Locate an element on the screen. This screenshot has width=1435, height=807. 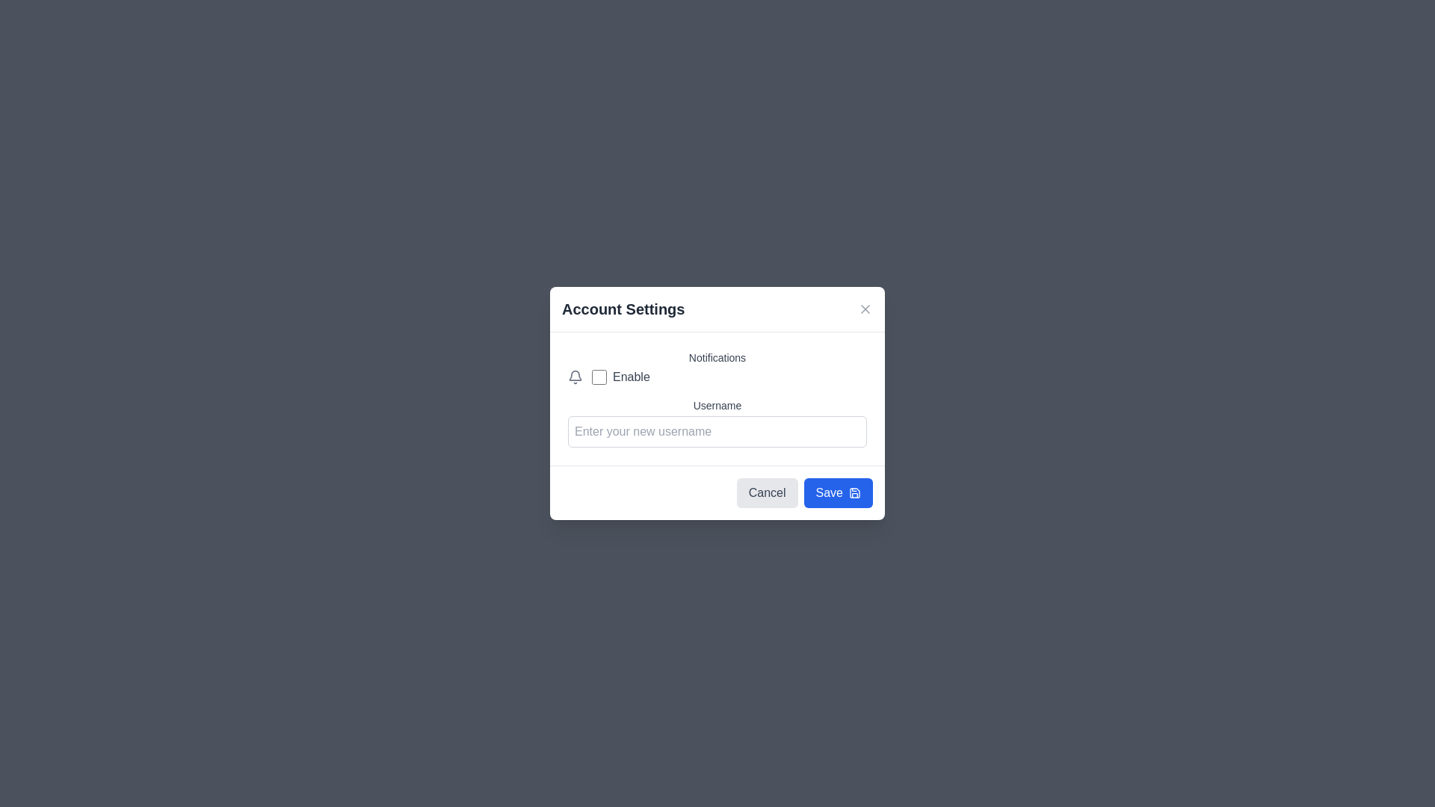
the SVG graphical element shaped like a bell, which serves as a notification indicator, located at the given center coordinates is located at coordinates (574, 374).